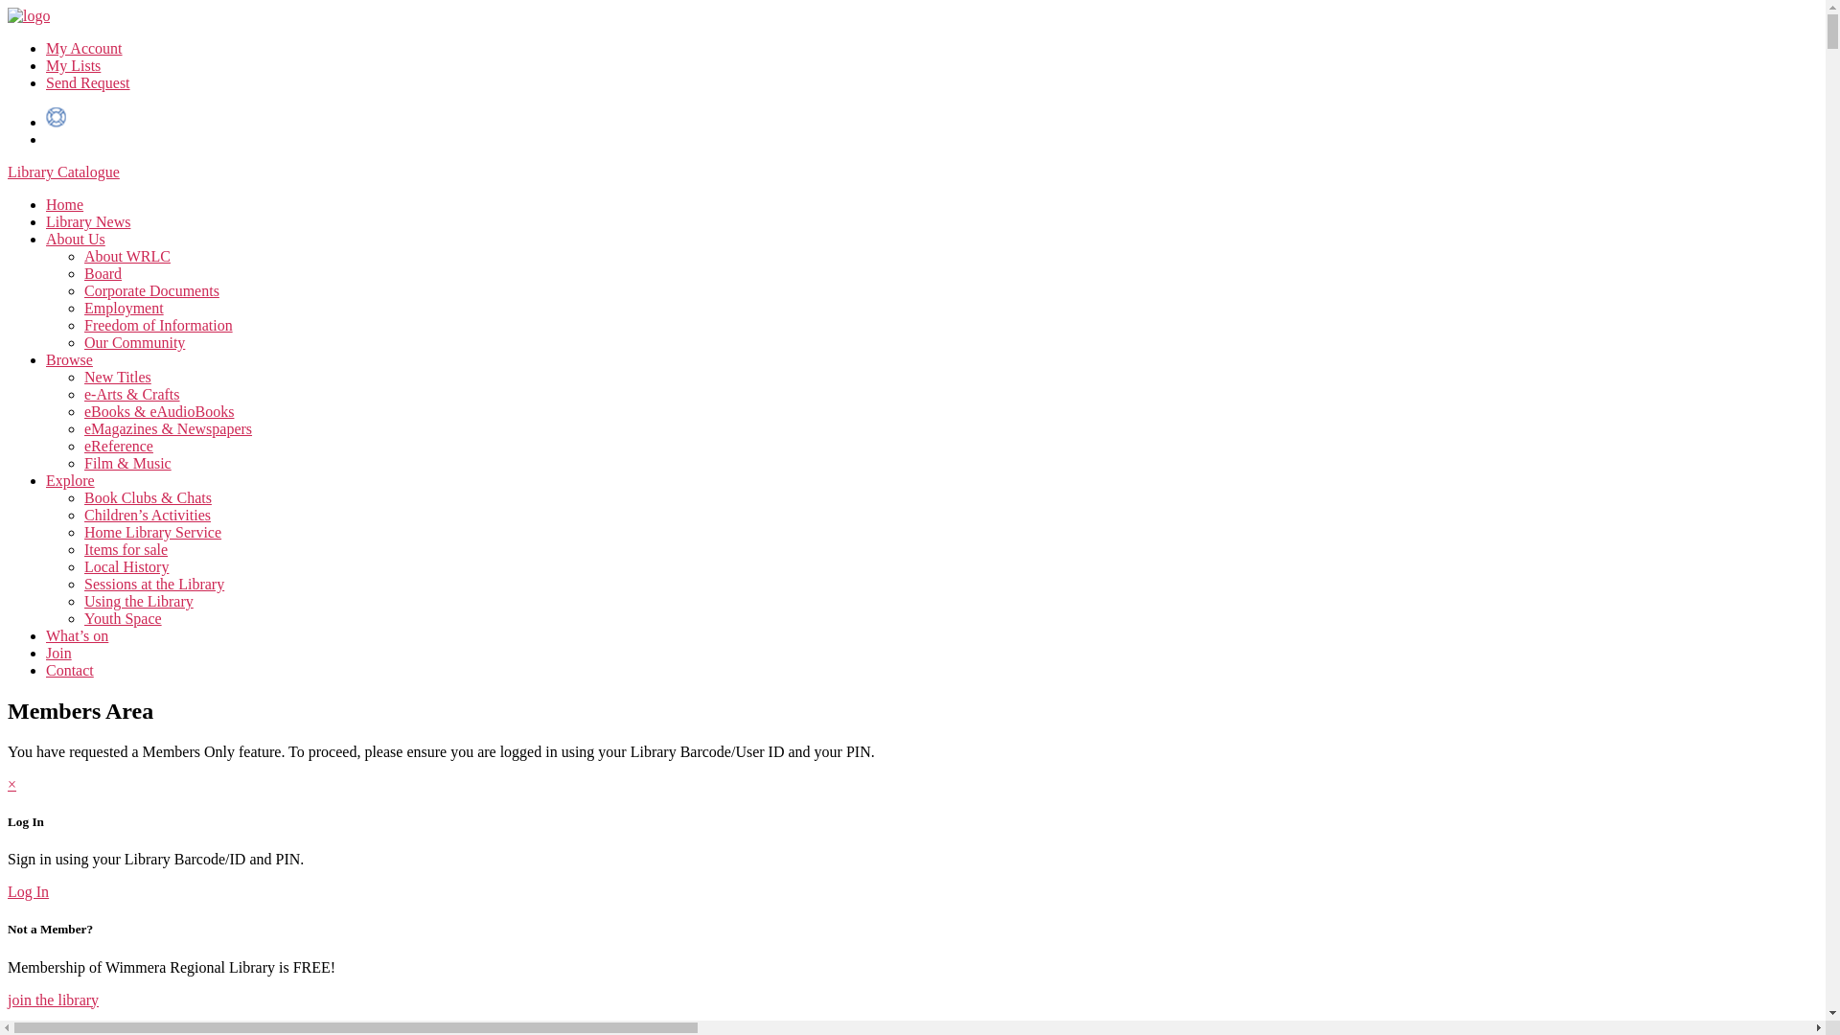  What do you see at coordinates (7, 7) in the screenshot?
I see `'Skip to the content'` at bounding box center [7, 7].